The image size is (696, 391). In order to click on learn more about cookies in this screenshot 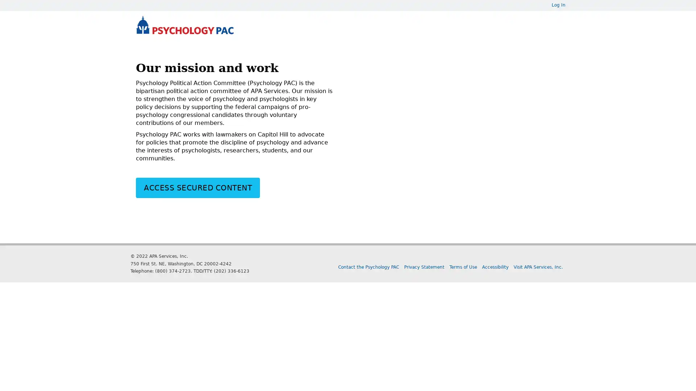, I will do `click(426, 381)`.